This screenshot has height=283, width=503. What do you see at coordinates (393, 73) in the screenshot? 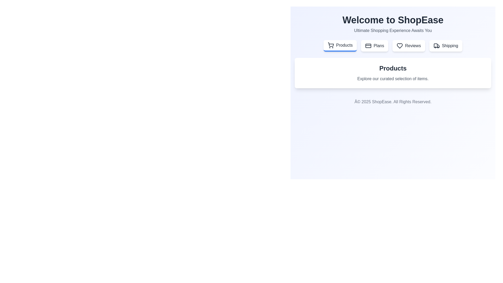
I see `the 'Products' text element within the white rectangular card that has rounded corners and a subtle shadow, which includes a bold heading and a subtitle, positioned centrally below a row of buttons` at bounding box center [393, 73].